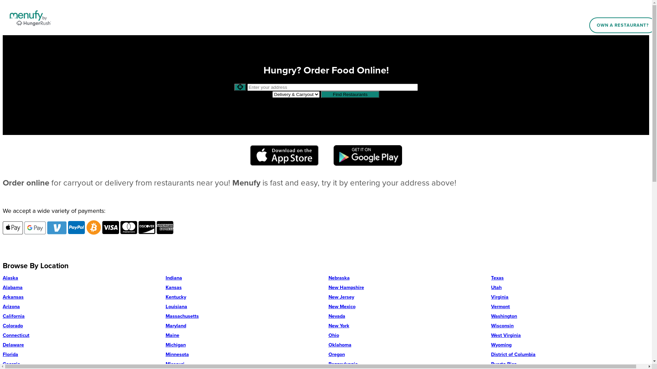 The width and height of the screenshot is (657, 369). What do you see at coordinates (76, 227) in the screenshot?
I see `'Accepts PayPal'` at bounding box center [76, 227].